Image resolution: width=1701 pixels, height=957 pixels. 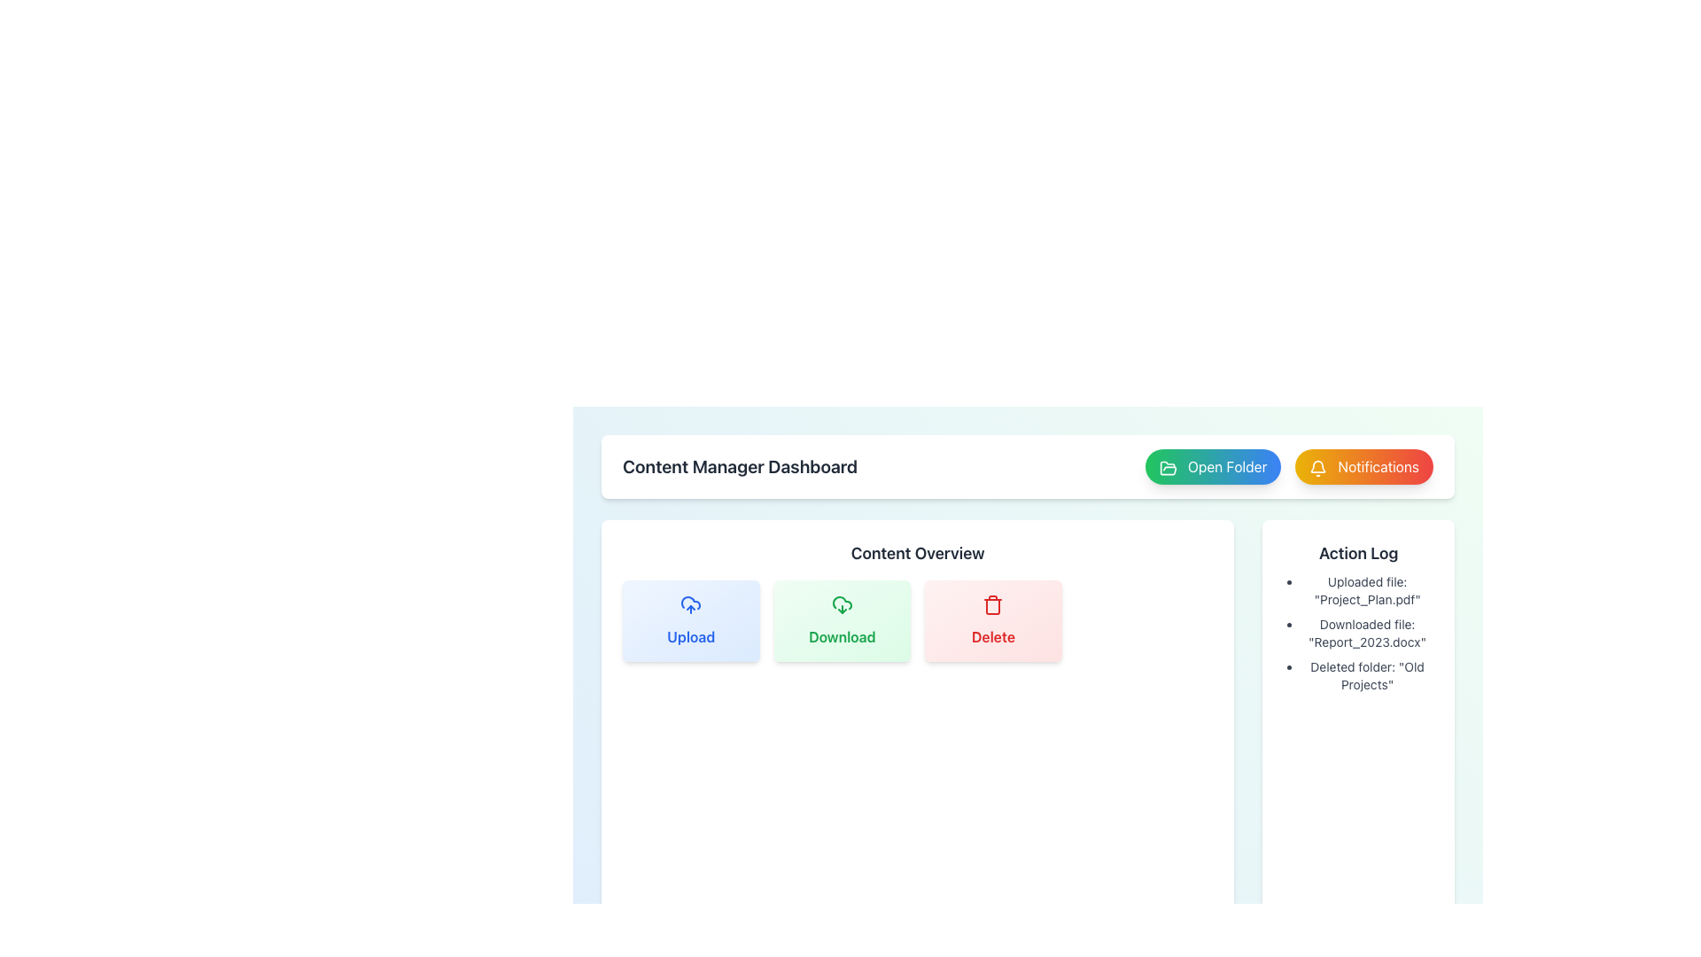 I want to click on the upload icon located within the 'Upload' button in the Content Overview section of the interface, so click(x=690, y=602).